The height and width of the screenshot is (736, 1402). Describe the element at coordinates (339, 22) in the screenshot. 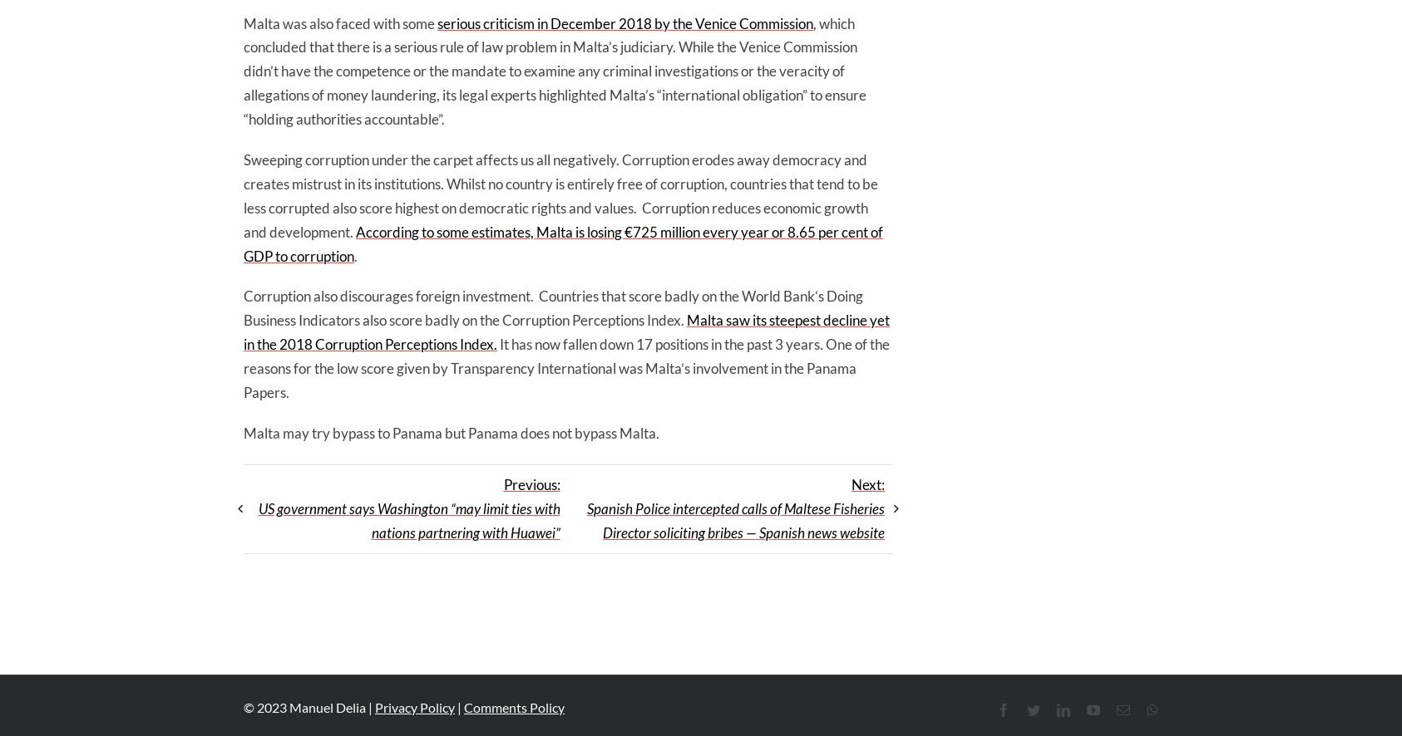

I see `'Malta was also faced with some'` at that location.